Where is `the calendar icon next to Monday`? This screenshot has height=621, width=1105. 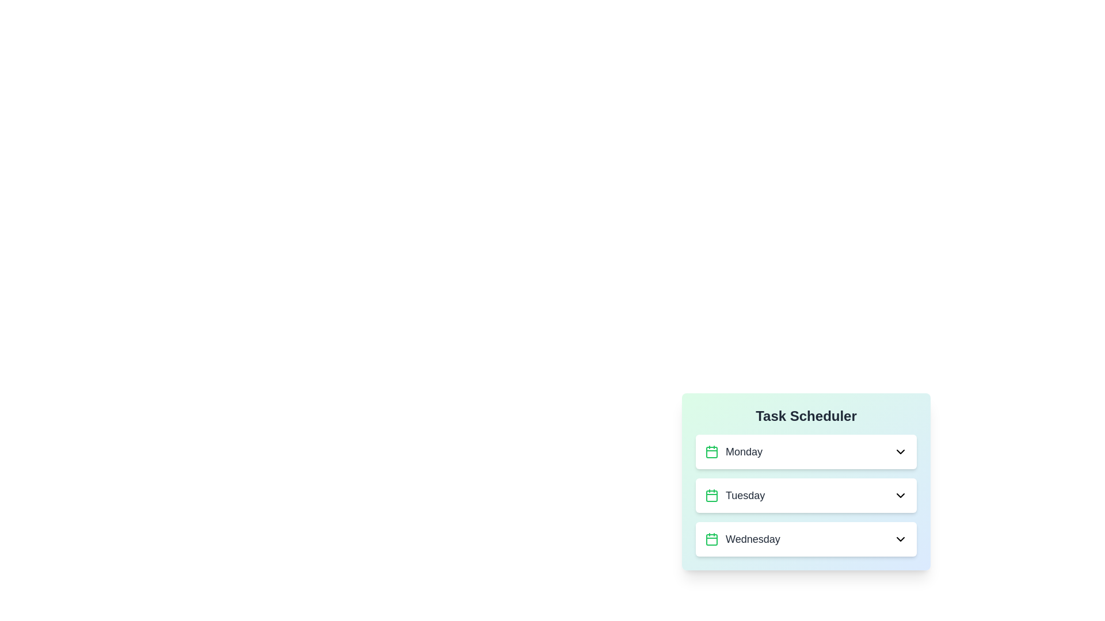 the calendar icon next to Monday is located at coordinates (711, 451).